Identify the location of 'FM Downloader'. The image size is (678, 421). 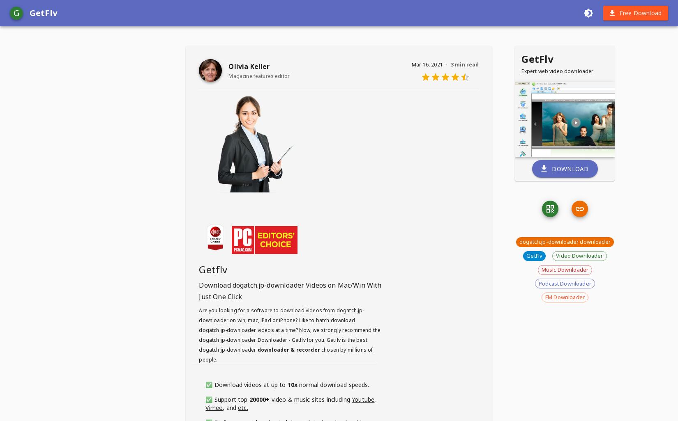
(564, 297).